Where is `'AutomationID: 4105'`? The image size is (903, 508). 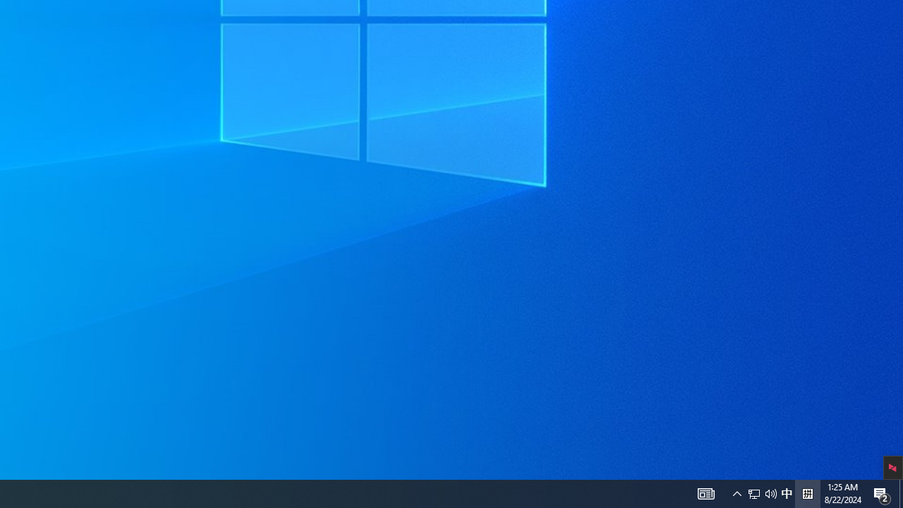 'AutomationID: 4105' is located at coordinates (737, 492).